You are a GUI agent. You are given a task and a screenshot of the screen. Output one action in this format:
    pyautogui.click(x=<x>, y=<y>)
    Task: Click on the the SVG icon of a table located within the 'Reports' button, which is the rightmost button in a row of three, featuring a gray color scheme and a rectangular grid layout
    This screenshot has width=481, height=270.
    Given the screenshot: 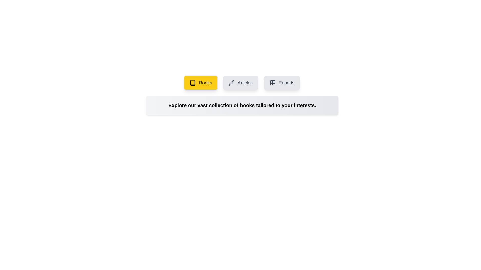 What is the action you would take?
    pyautogui.click(x=272, y=82)
    